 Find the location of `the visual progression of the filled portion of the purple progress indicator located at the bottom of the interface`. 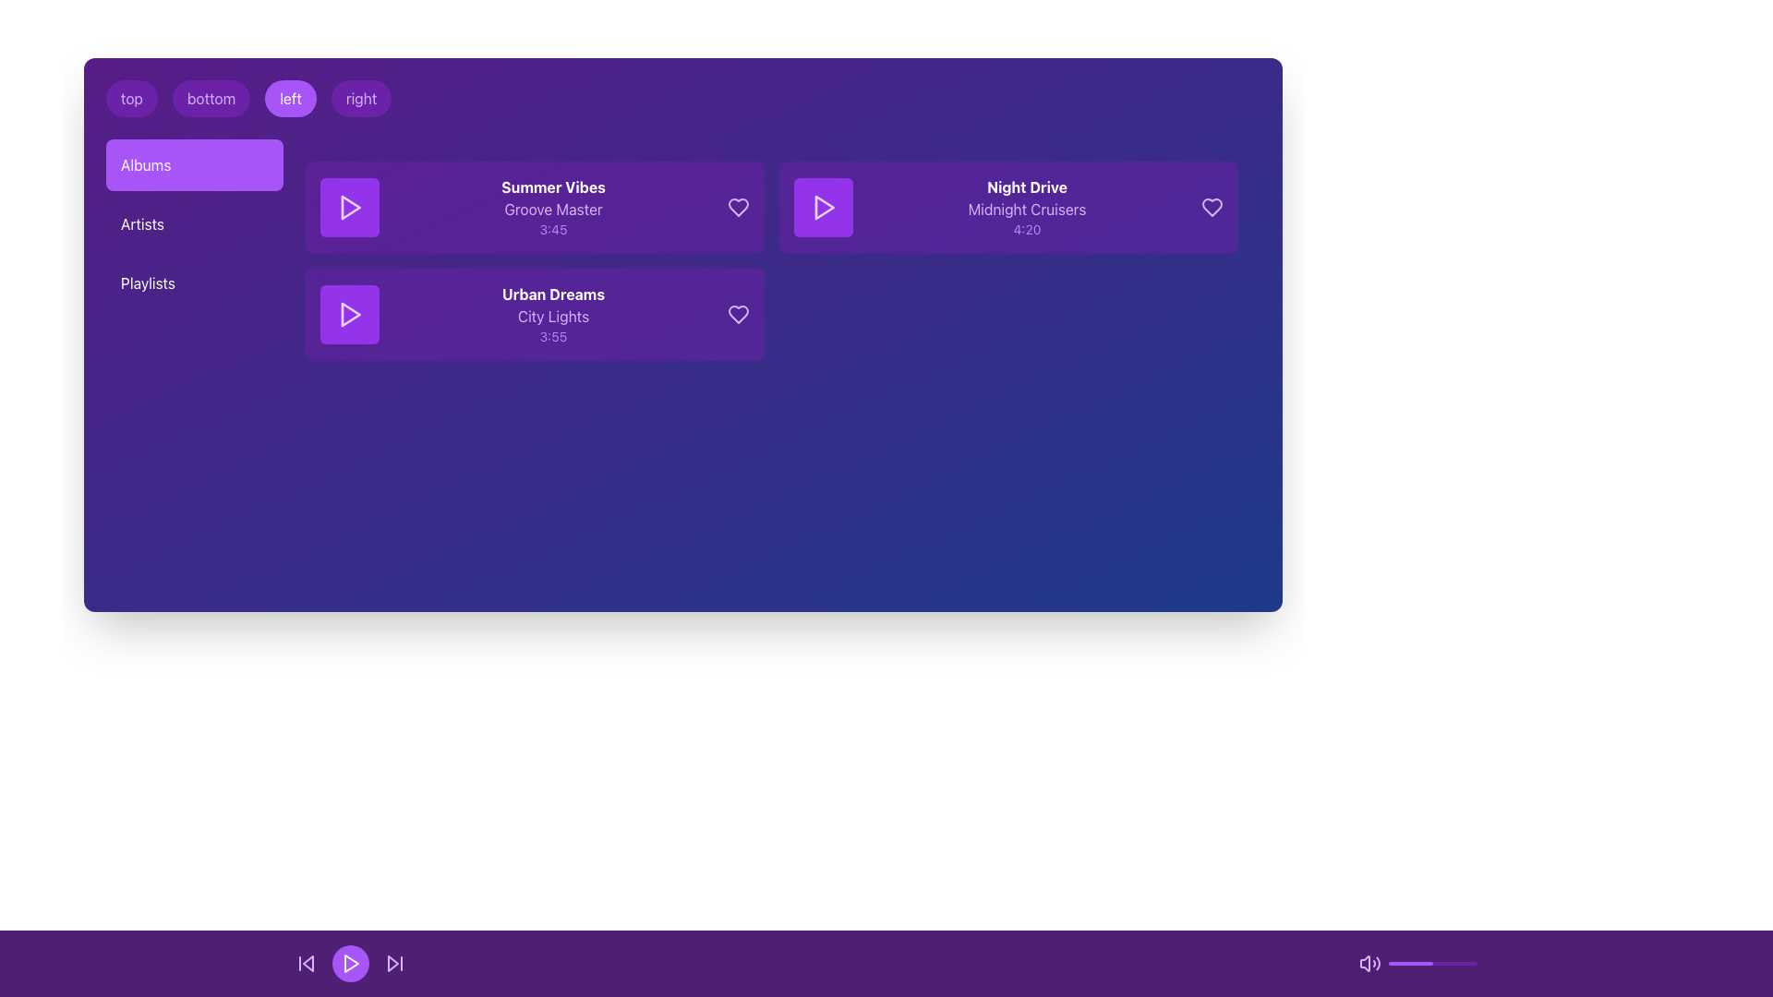

the visual progression of the filled portion of the purple progress indicator located at the bottom of the interface is located at coordinates (1409, 963).